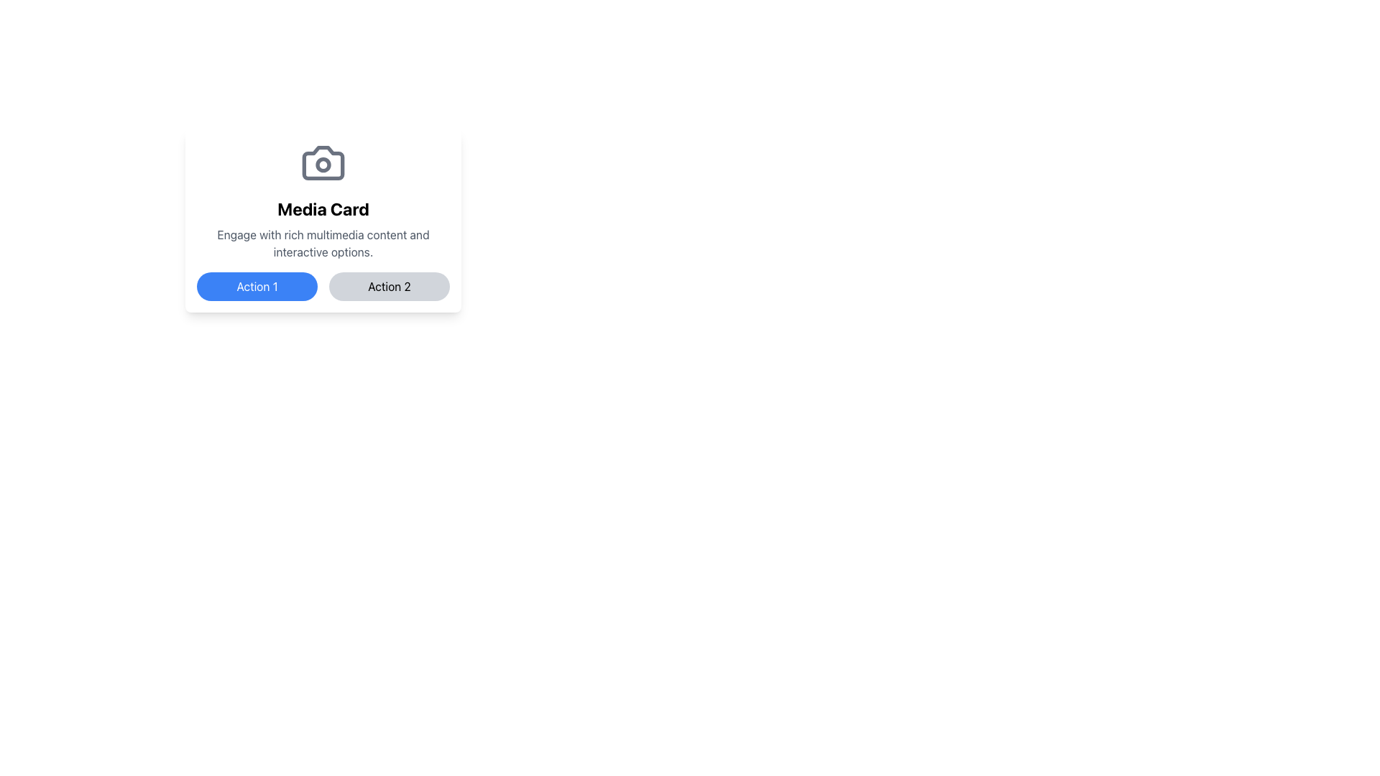 This screenshot has height=776, width=1380. Describe the element at coordinates (323, 162) in the screenshot. I see `the camera icon located at the top of the card interface, which is styled as an outline and is part of an SVG graphic` at that location.